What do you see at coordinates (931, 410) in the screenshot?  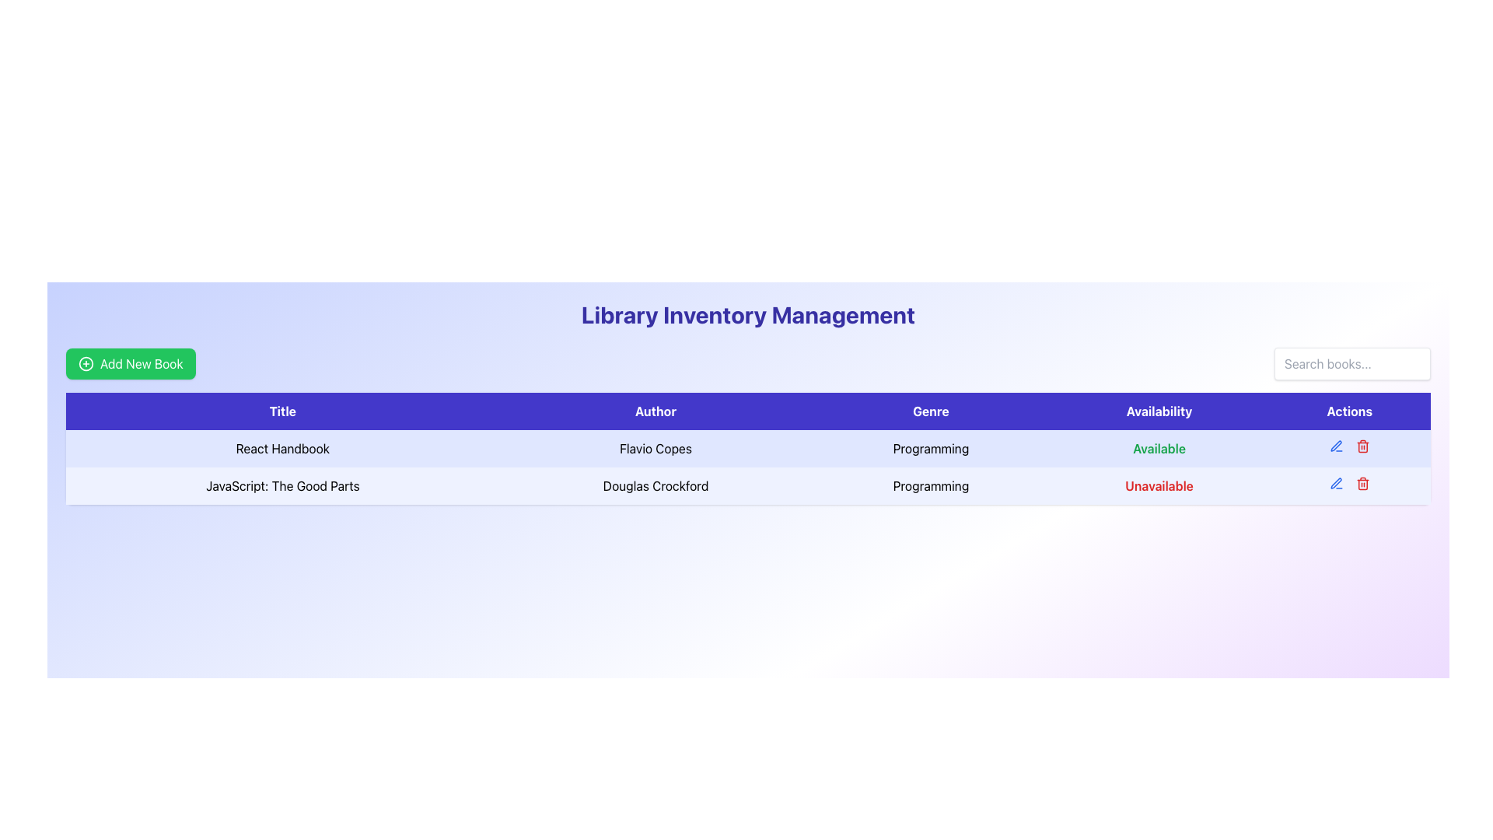 I see `the 'Genre' column header in the data table, which is the third column header located between the 'Author' and 'Availability' headers` at bounding box center [931, 410].